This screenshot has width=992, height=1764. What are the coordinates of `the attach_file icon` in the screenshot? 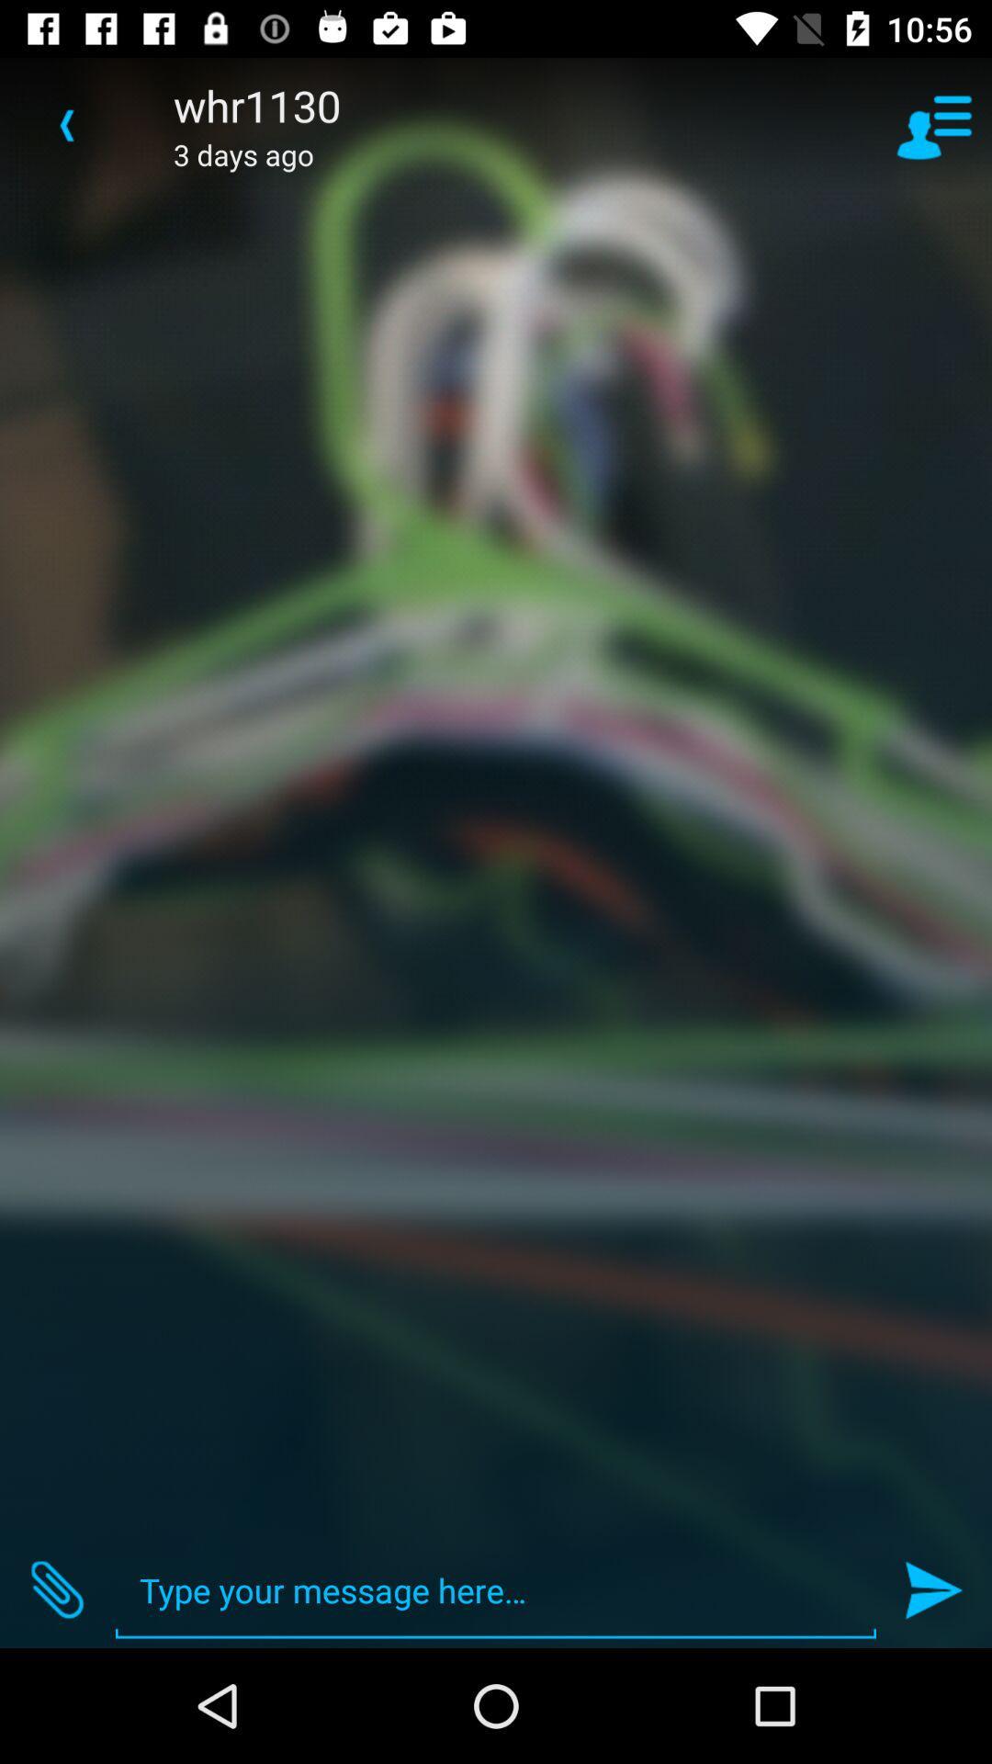 It's located at (56, 1589).